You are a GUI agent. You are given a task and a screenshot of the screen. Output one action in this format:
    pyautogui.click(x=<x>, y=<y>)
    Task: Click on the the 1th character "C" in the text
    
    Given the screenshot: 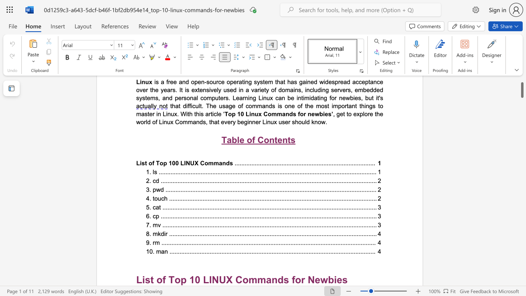 What is the action you would take?
    pyautogui.click(x=238, y=279)
    